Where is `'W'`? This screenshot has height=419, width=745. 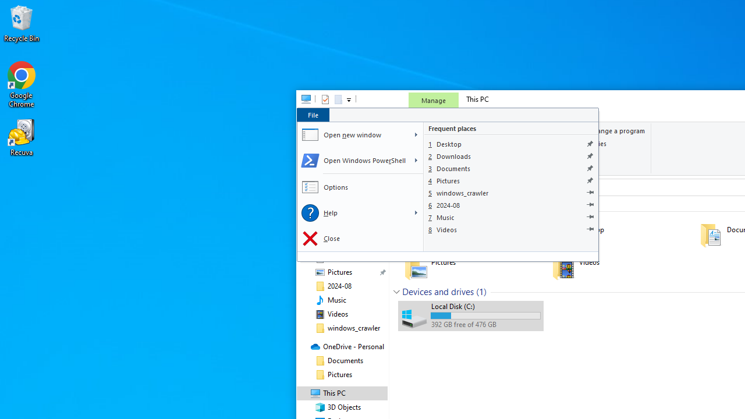
'W' is located at coordinates (416, 134).